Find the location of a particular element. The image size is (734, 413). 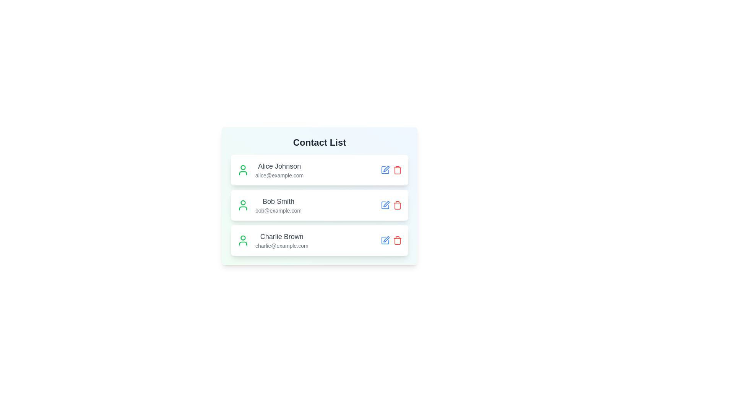

the contact corresponding to the Charlie Brown by clicking the associated delete button is located at coordinates (398, 240).